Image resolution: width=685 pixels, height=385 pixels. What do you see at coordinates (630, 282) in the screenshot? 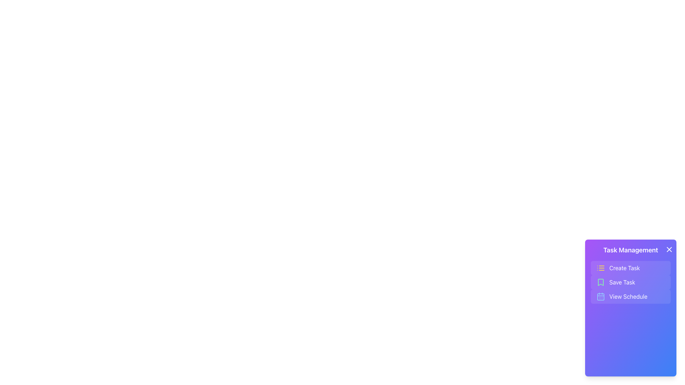
I see `the 'Save Task' button, which is a rectangular button with a soft rounded border, a purple gradient background, a green bookmark icon, and white sans-serif text` at bounding box center [630, 282].